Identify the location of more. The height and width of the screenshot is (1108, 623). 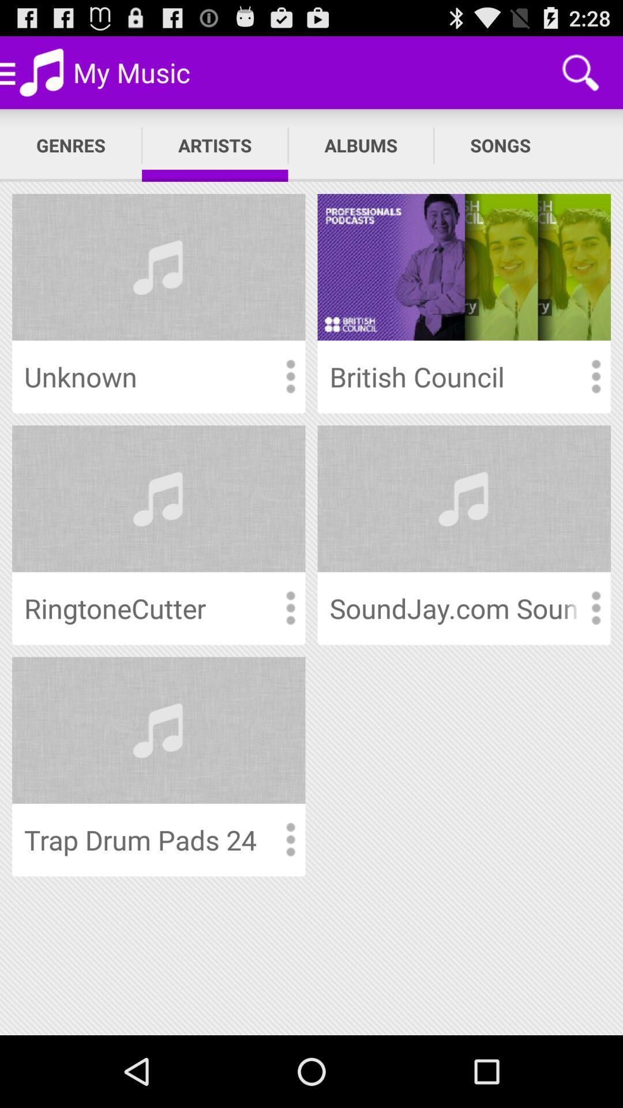
(595, 377).